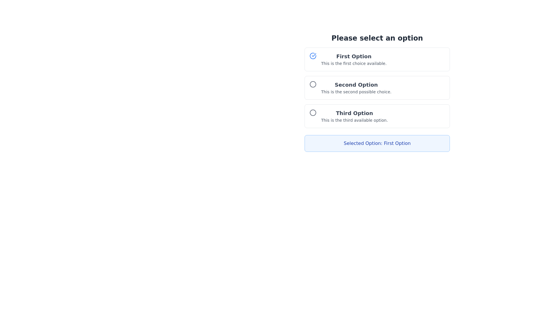  What do you see at coordinates (354, 120) in the screenshot?
I see `informational text label located below 'Third Option', which displays: 'This is the third available option.'` at bounding box center [354, 120].